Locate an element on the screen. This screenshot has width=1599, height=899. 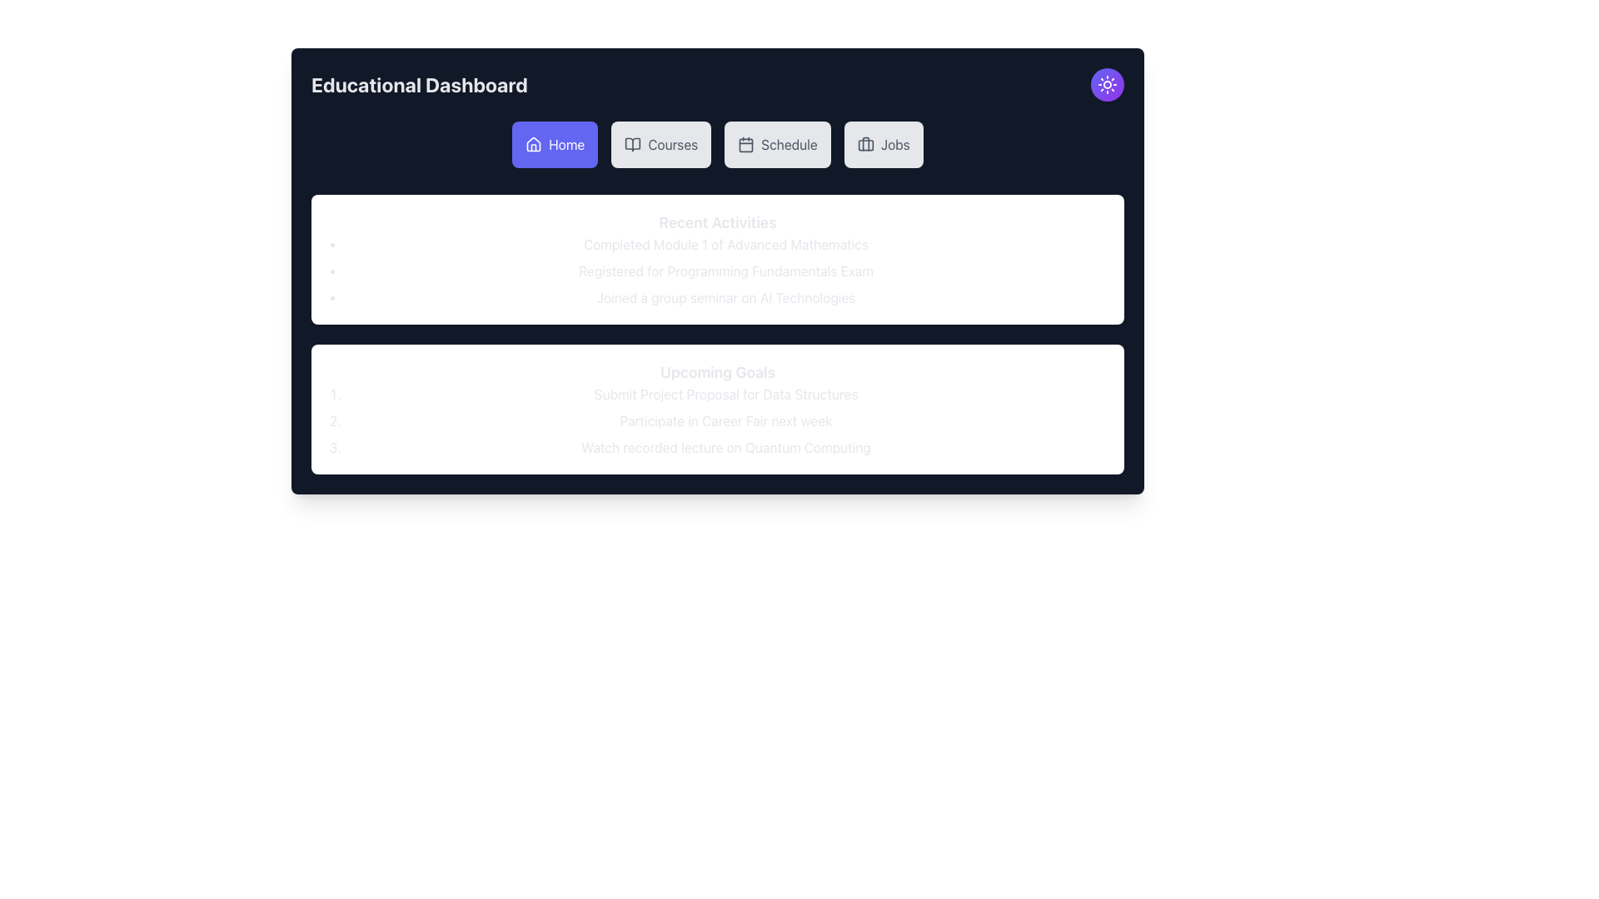
the house icon within the 'Home' button located in the navigation bar at the top of the interface is located at coordinates (534, 143).